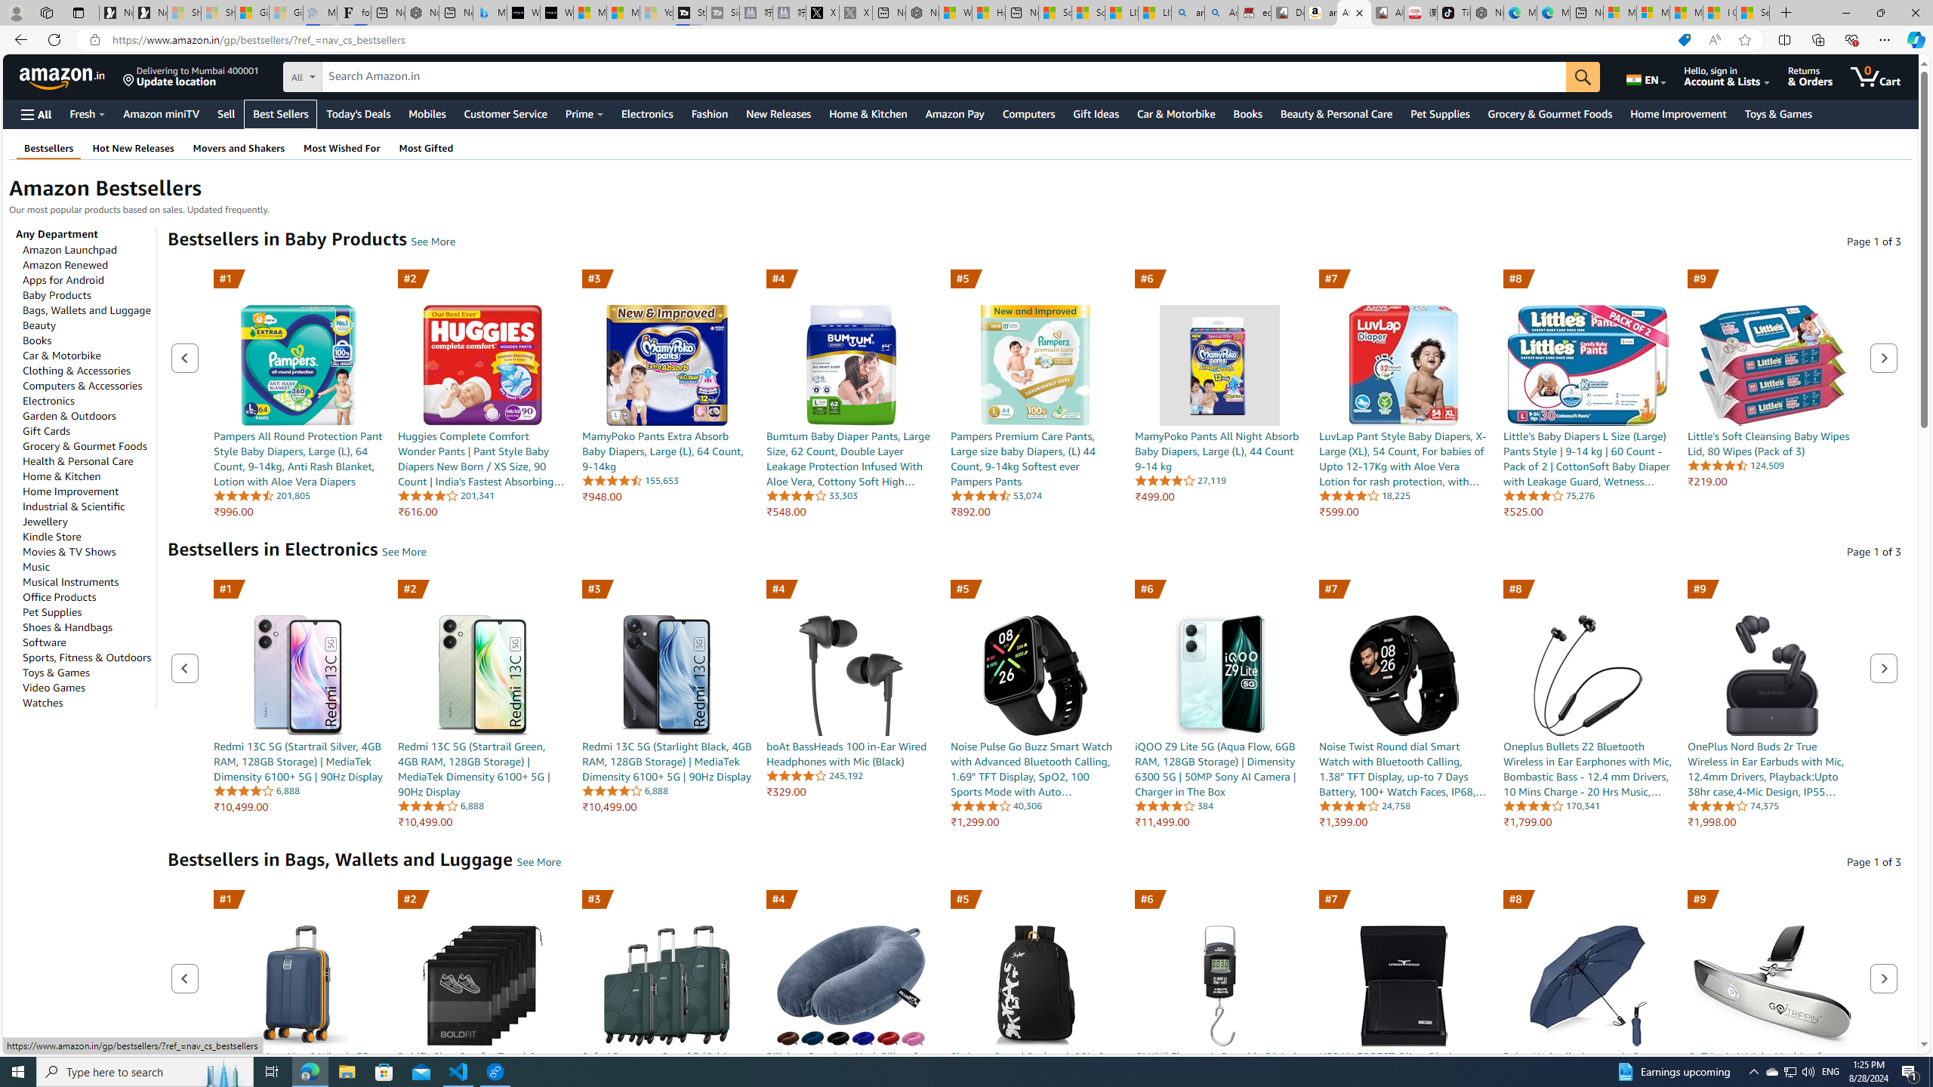 The image size is (1933, 1087). I want to click on 'Newsletter Sign Up', so click(150, 12).